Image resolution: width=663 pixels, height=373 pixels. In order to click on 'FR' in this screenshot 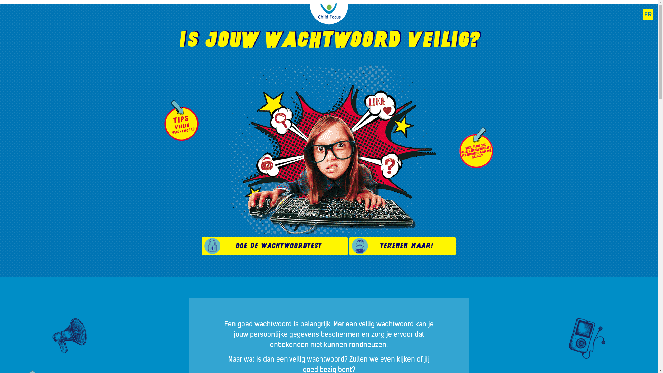, I will do `click(642, 15)`.